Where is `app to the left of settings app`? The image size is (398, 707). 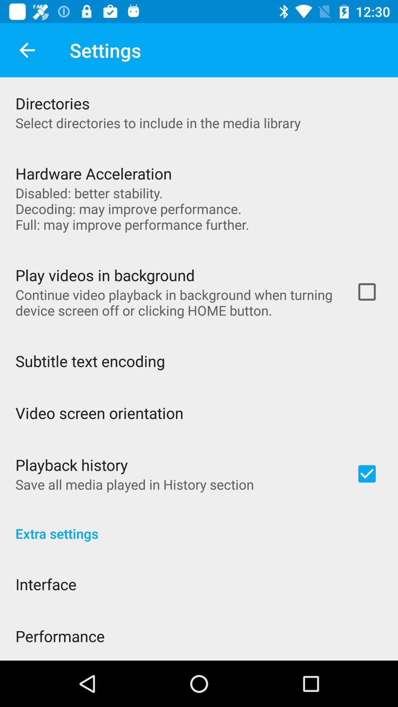 app to the left of settings app is located at coordinates (27, 50).